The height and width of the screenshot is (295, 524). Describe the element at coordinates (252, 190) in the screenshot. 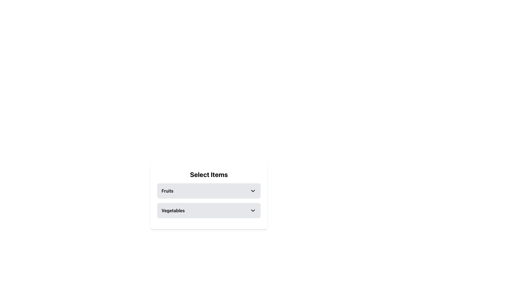

I see `the downwards-pointing chevron icon located to the right of the text 'Fruits'` at that location.